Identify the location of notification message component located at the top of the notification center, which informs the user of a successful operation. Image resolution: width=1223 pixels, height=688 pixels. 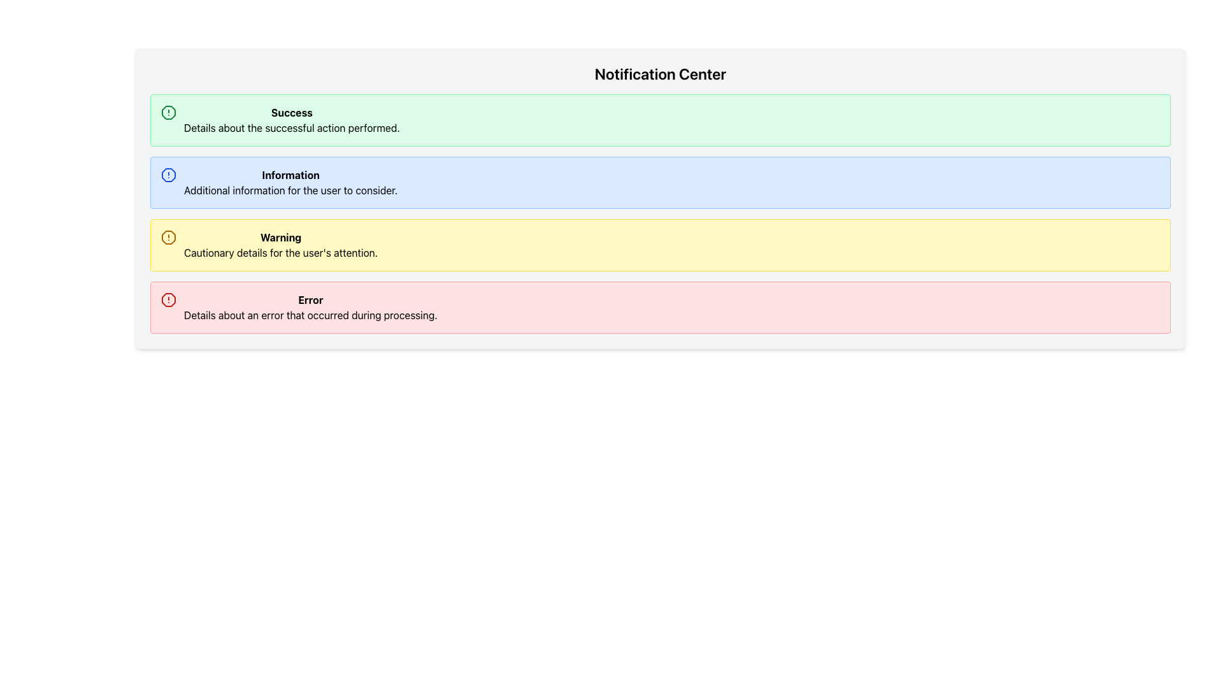
(291, 120).